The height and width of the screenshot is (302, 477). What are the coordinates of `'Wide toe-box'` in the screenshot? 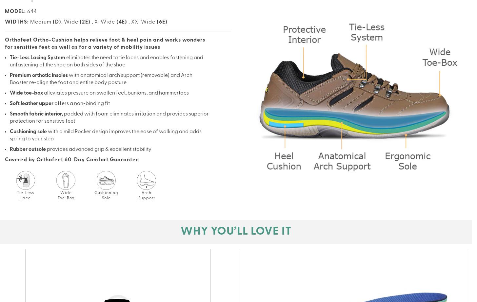 It's located at (10, 93).